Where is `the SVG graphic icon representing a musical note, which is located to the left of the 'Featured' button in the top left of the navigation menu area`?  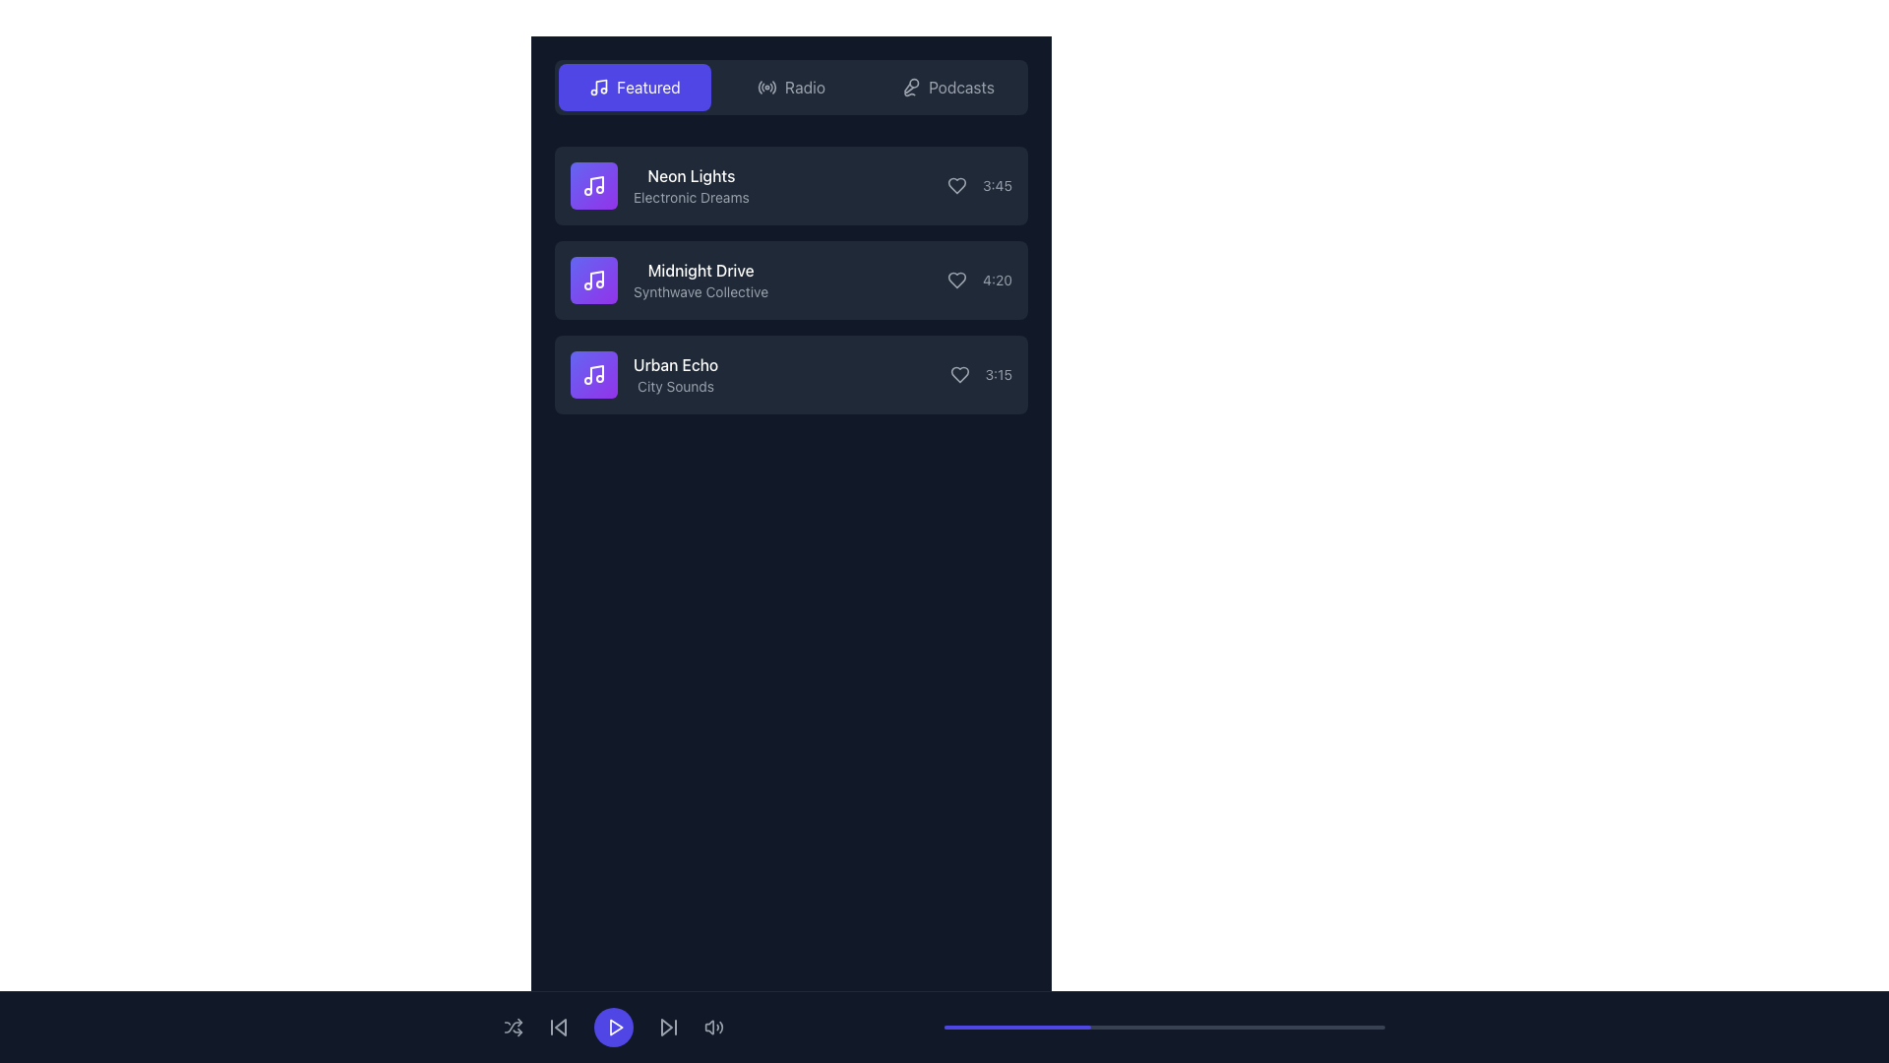 the SVG graphic icon representing a musical note, which is located to the left of the 'Featured' button in the top left of the navigation menu area is located at coordinates (598, 86).